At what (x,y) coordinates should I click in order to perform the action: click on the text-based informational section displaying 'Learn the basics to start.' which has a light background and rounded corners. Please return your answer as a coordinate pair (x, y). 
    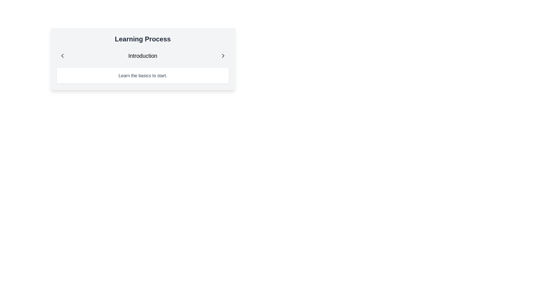
    Looking at the image, I should click on (143, 76).